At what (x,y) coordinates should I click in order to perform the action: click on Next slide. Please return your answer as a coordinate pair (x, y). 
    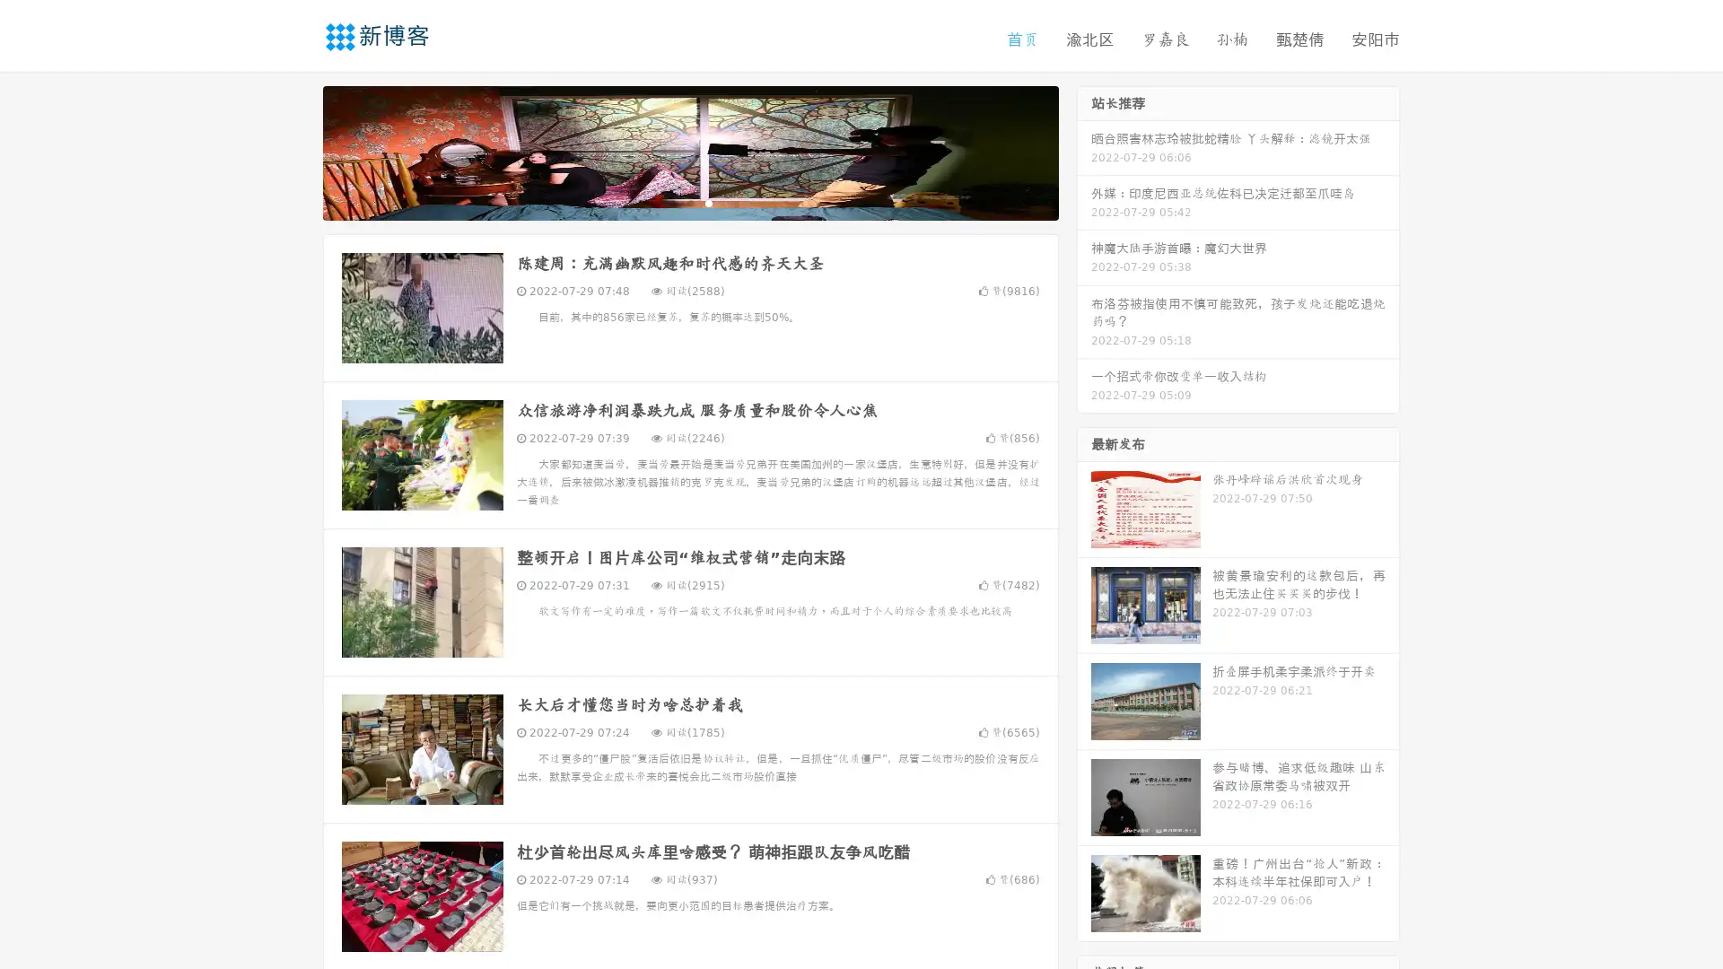
    Looking at the image, I should click on (1084, 151).